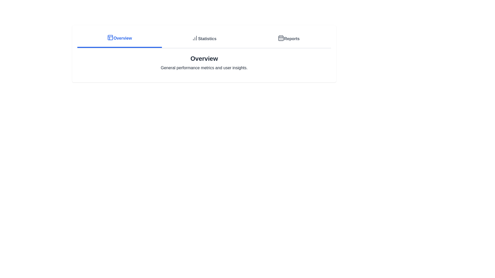 This screenshot has height=278, width=495. I want to click on the decorative SVG shape (rounded rectangle) located within the 'Overview' navigation item, which features a blue stroke and white fill, so click(110, 37).